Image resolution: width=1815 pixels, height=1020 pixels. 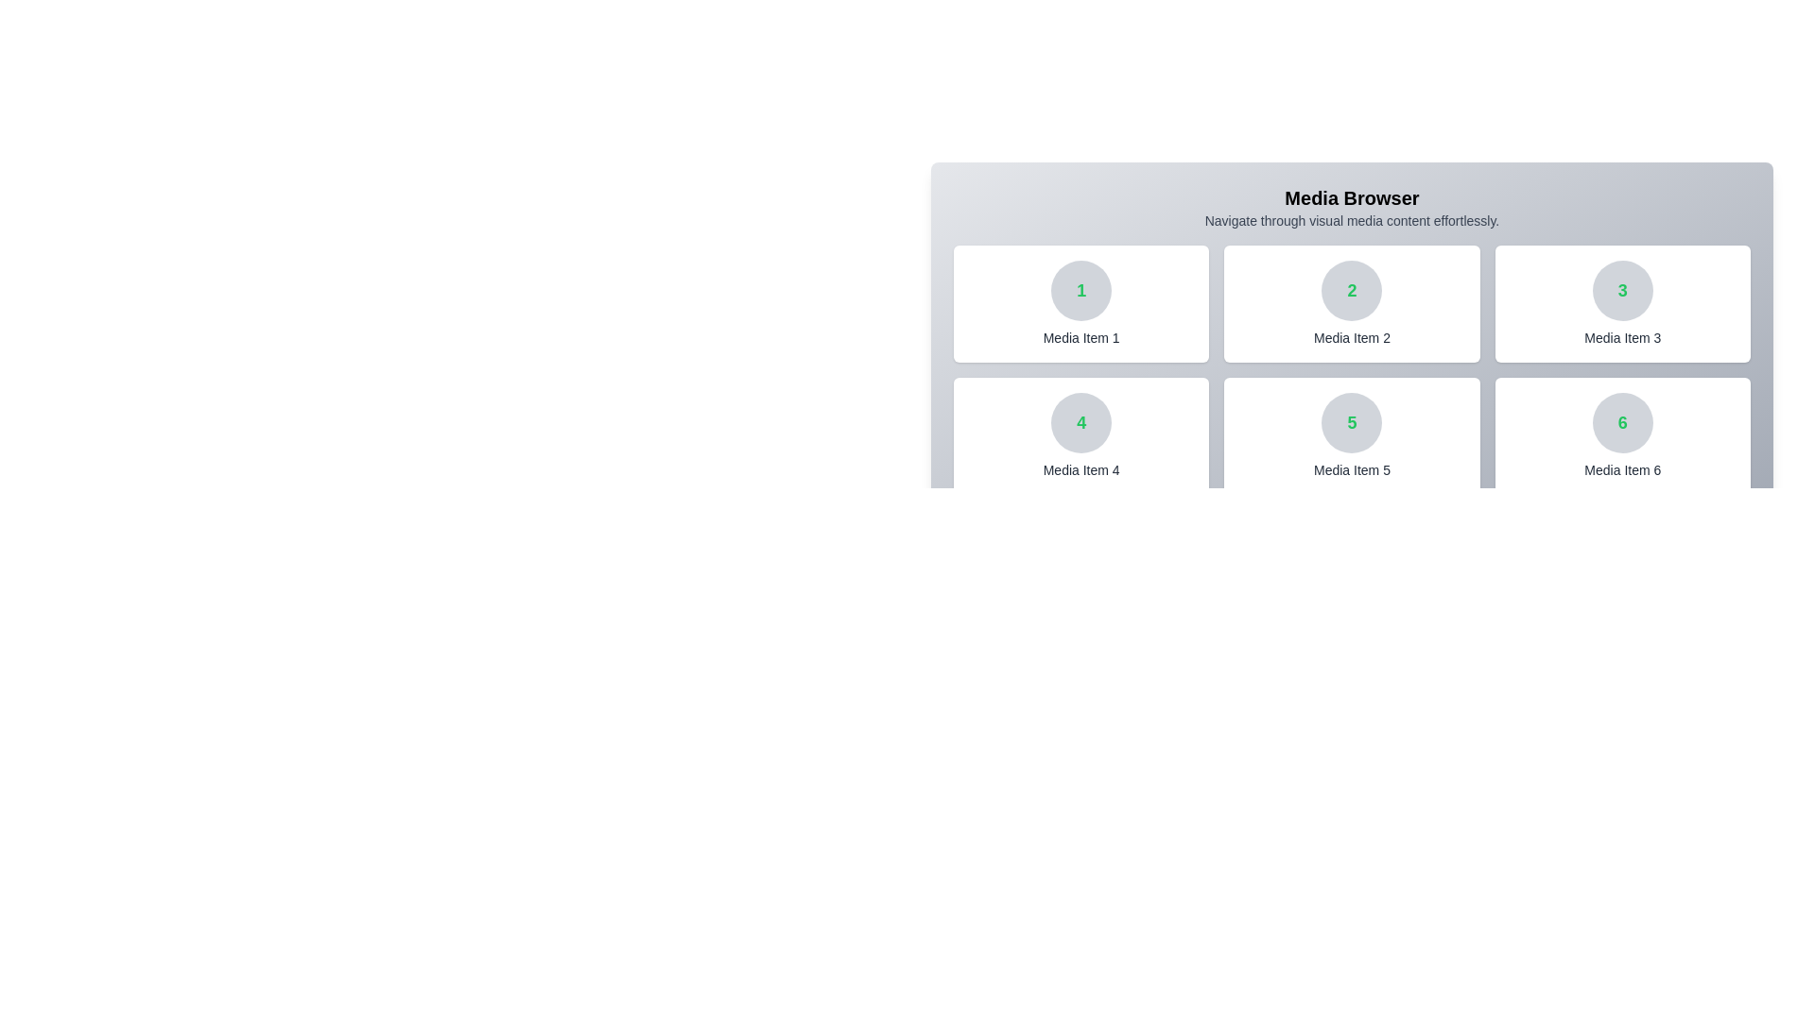 What do you see at coordinates (1081, 291) in the screenshot?
I see `label containing the green number '1' on a circular gray background, positioned in the top-left corner above 'Media Item 1'` at bounding box center [1081, 291].